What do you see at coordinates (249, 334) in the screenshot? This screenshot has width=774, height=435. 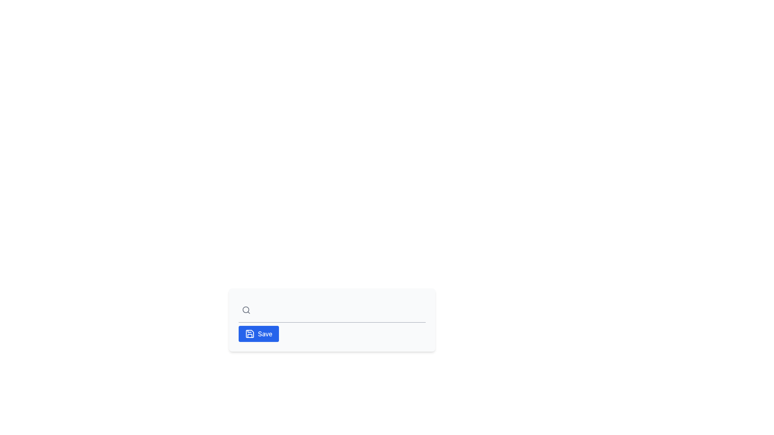 I see `the save icon located to the left of the 'Save' button text, which is part of a blue and white rectangular button` at bounding box center [249, 334].